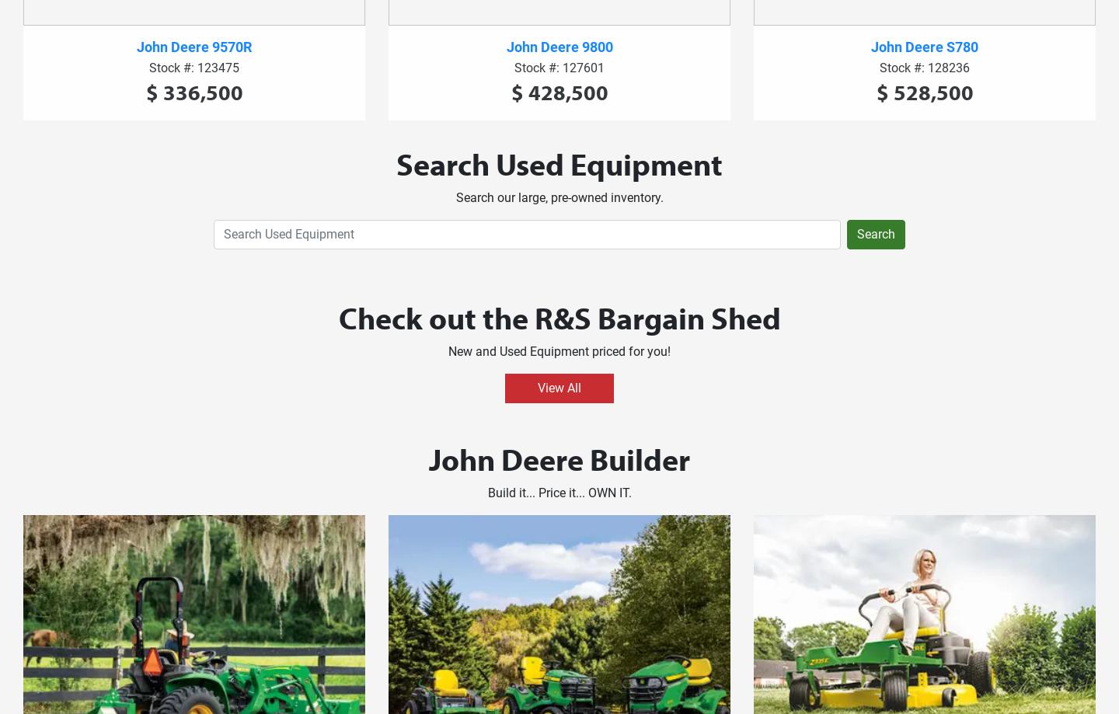  Describe the element at coordinates (924, 90) in the screenshot. I see `'$ 528,500'` at that location.